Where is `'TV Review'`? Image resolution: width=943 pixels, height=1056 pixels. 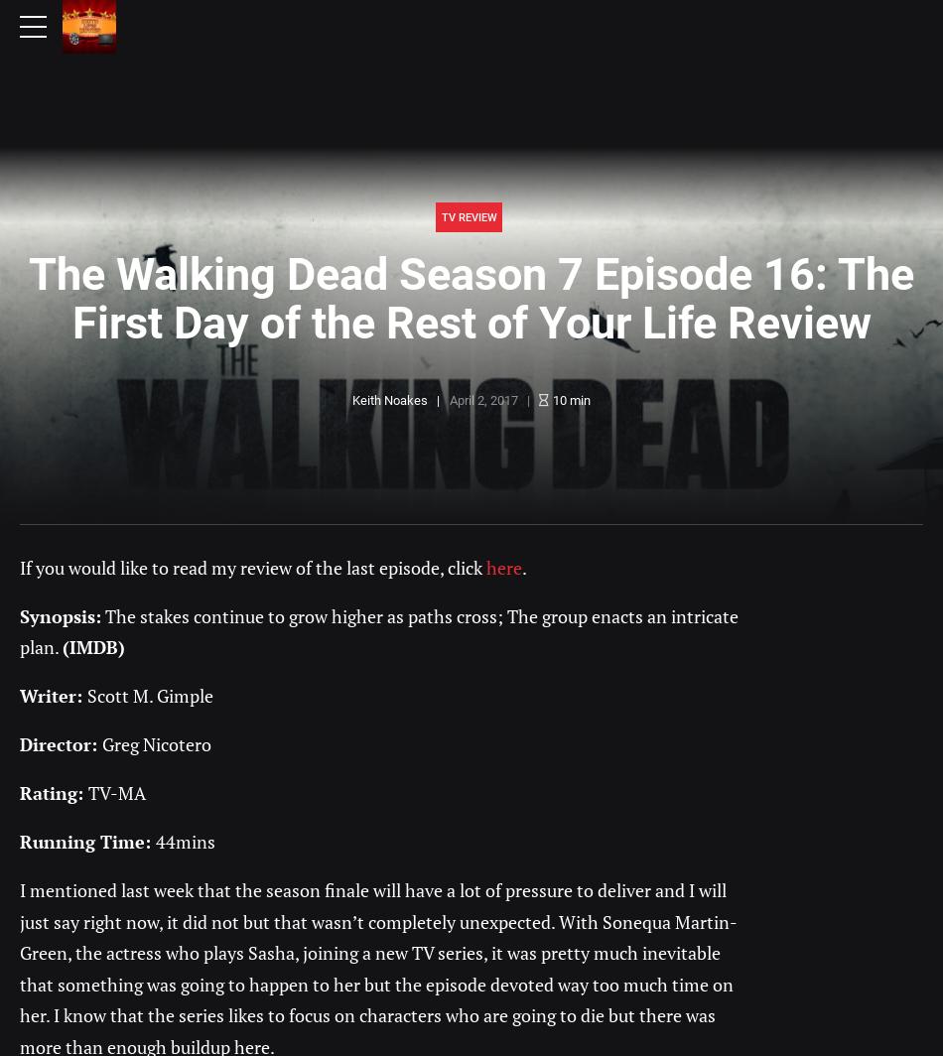 'TV Review' is located at coordinates (467, 216).